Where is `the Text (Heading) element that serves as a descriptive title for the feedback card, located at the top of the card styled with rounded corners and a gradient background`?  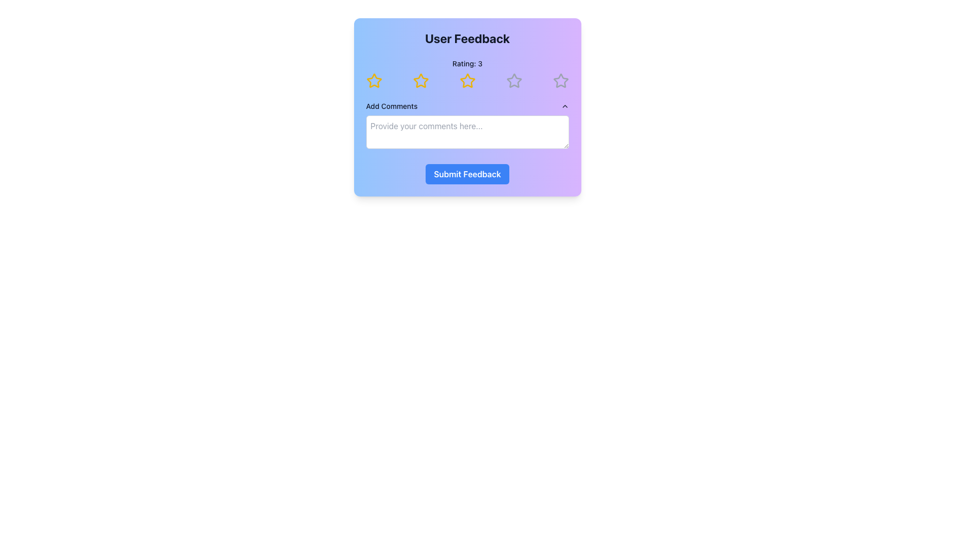 the Text (Heading) element that serves as a descriptive title for the feedback card, located at the top of the card styled with rounded corners and a gradient background is located at coordinates (467, 38).